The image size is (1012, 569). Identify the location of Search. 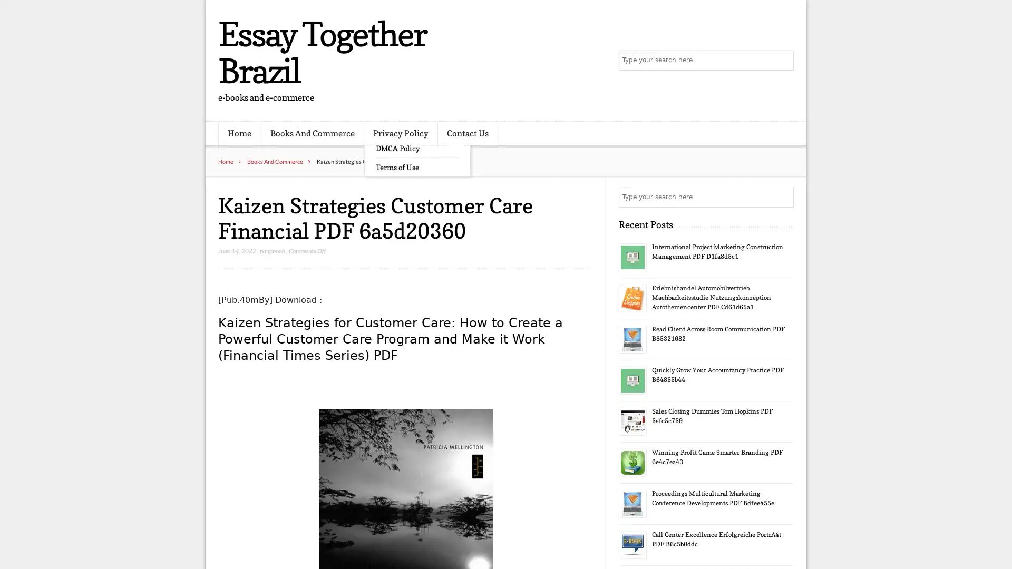
(783, 61).